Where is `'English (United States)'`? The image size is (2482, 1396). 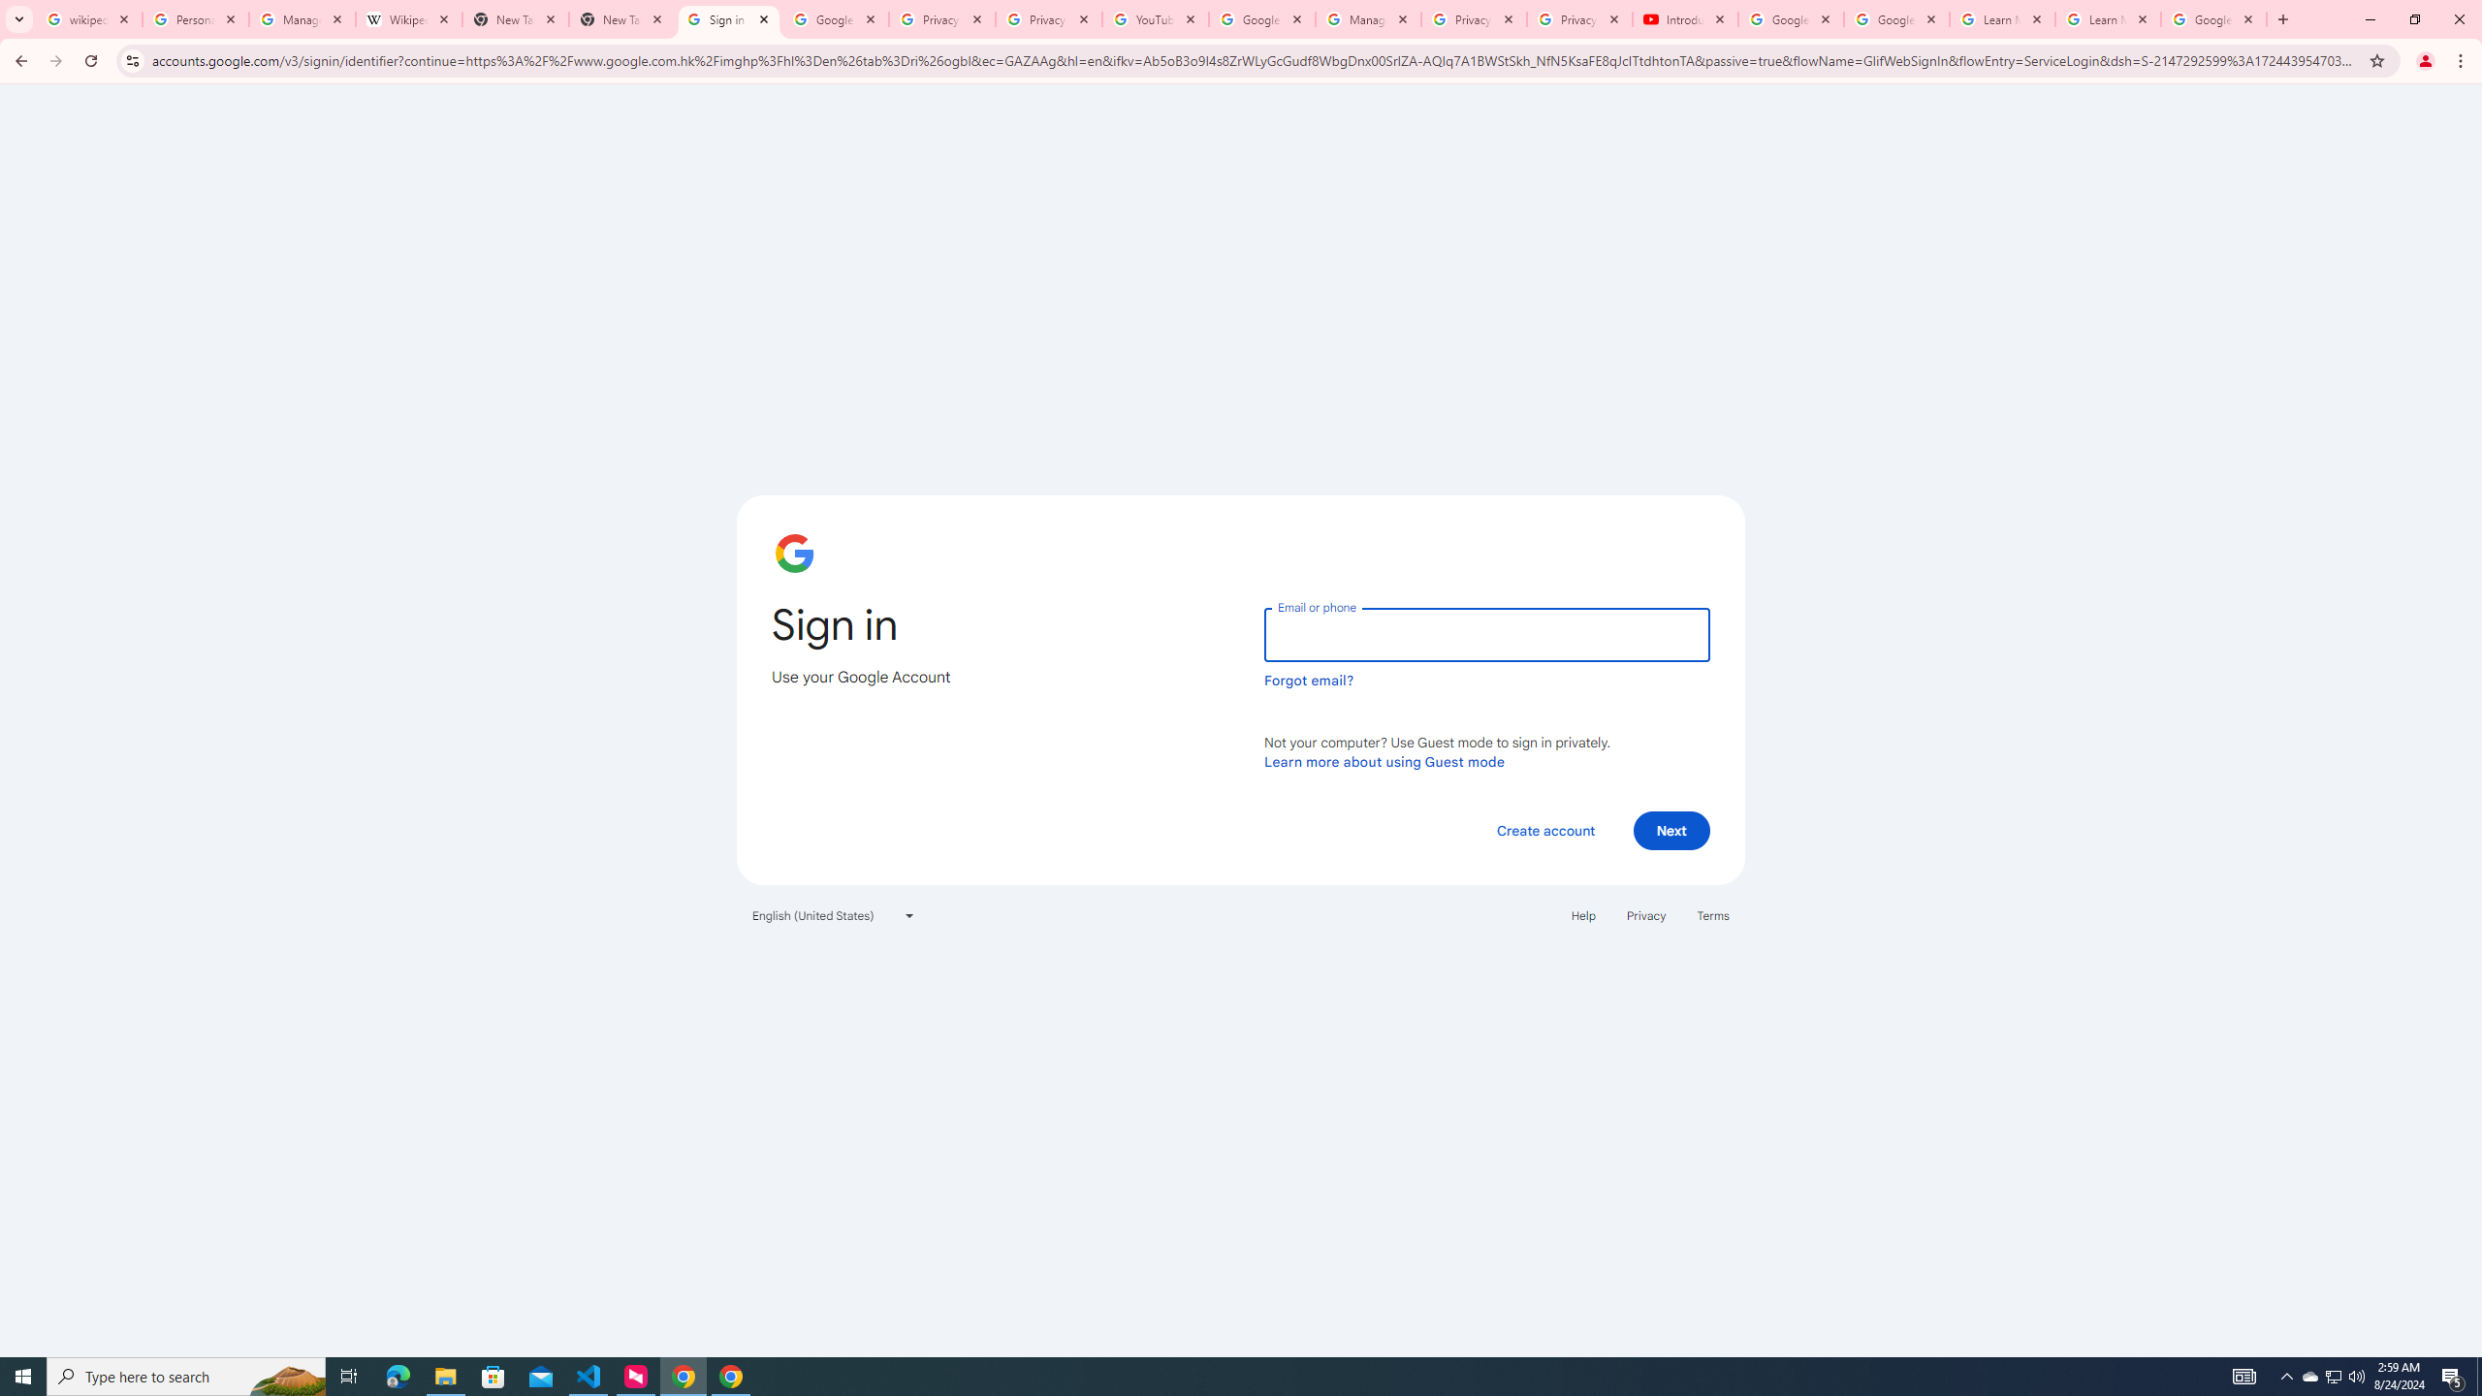
'English (United States)' is located at coordinates (834, 913).